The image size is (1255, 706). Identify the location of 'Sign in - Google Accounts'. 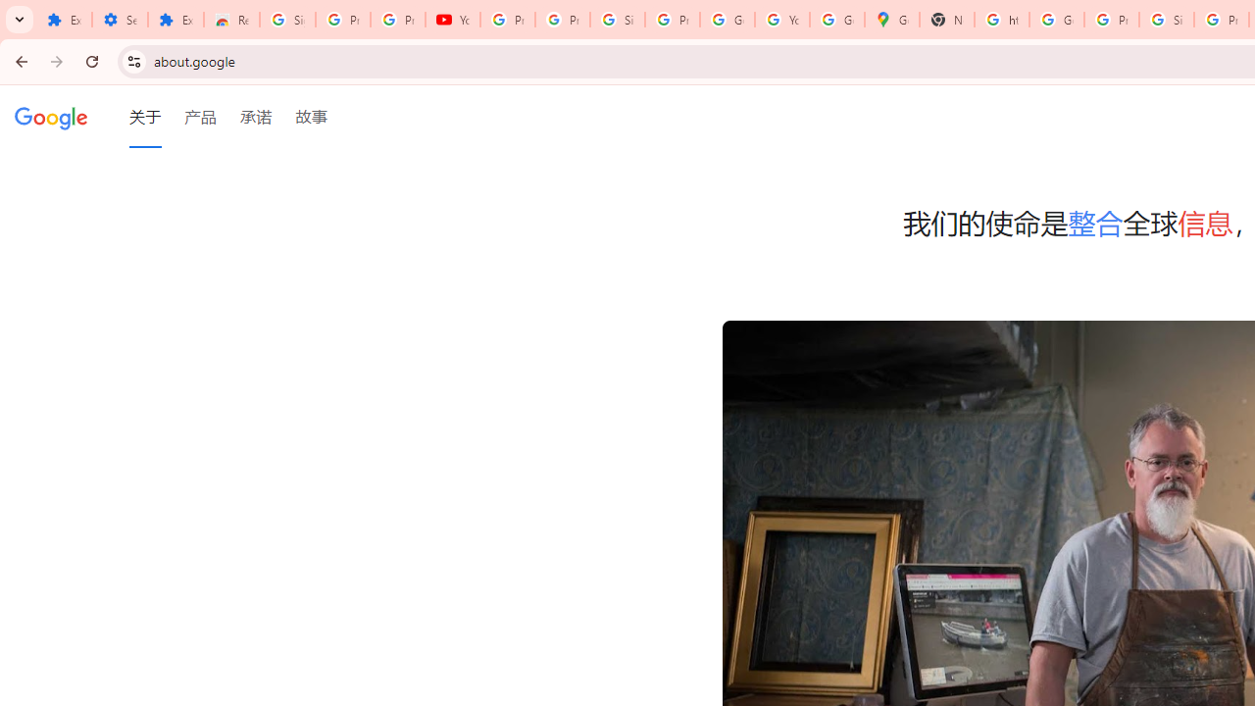
(1167, 20).